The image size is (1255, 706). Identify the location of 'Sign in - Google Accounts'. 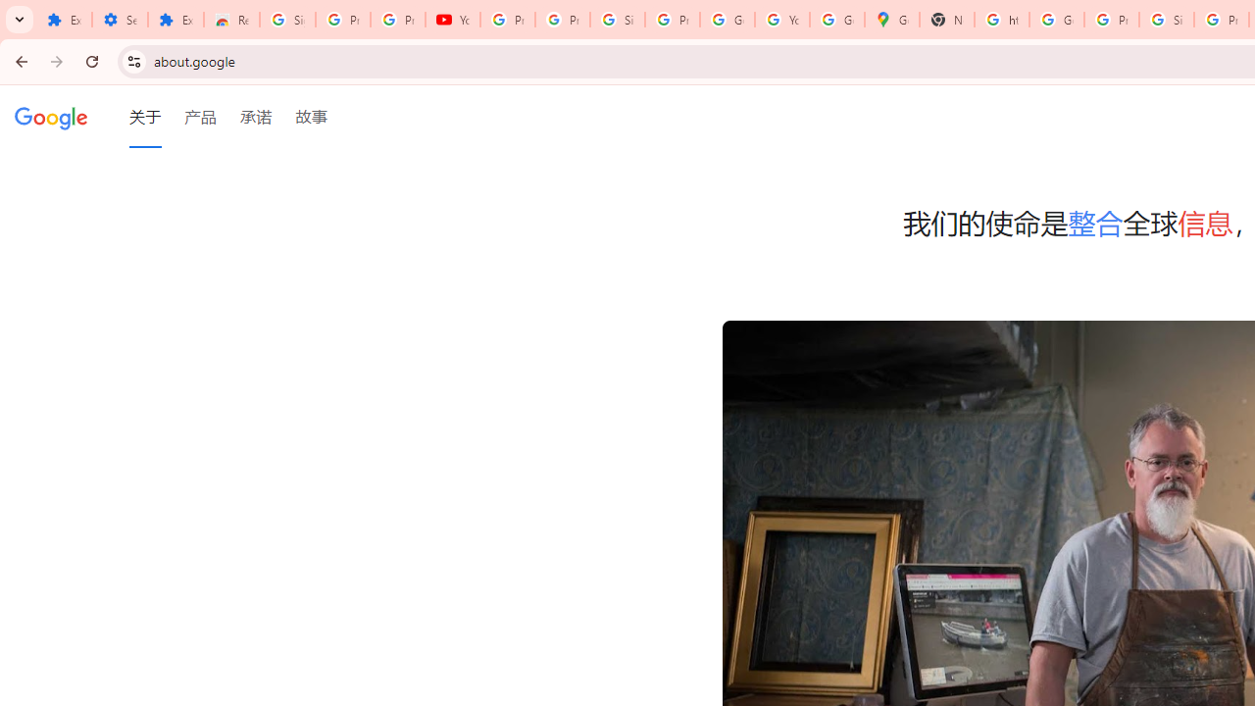
(1167, 20).